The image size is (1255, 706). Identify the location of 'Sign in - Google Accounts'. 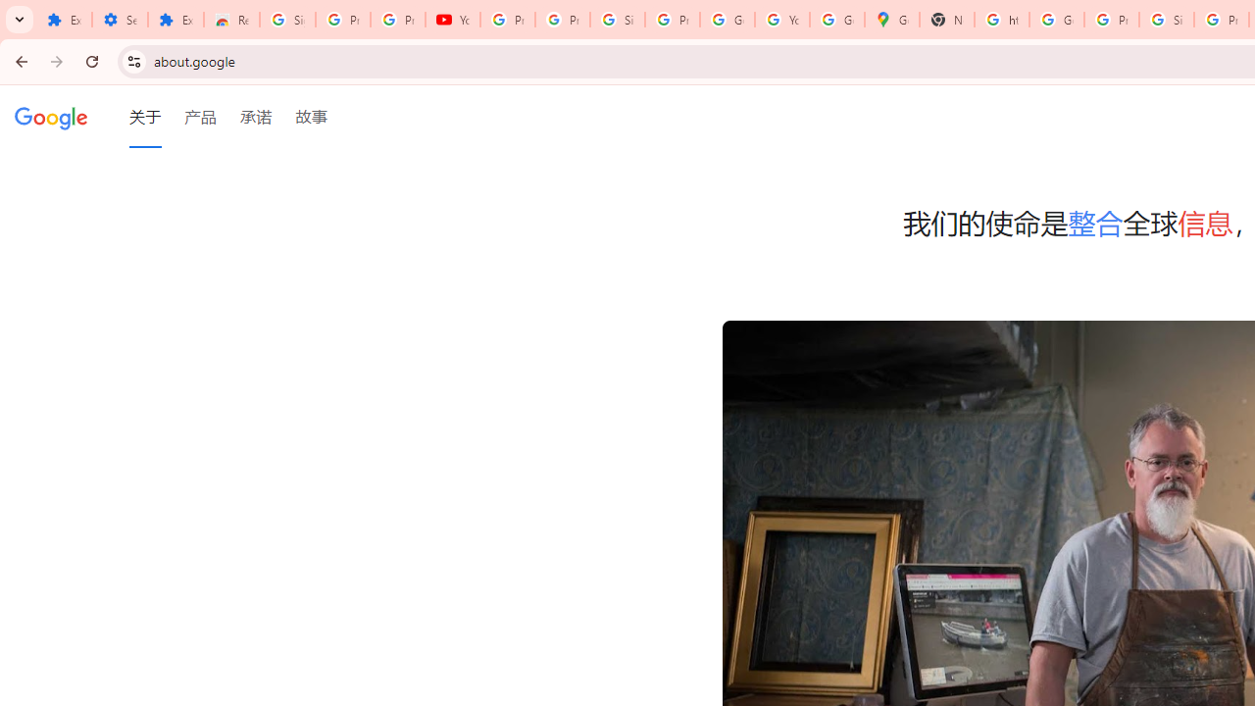
(1167, 20).